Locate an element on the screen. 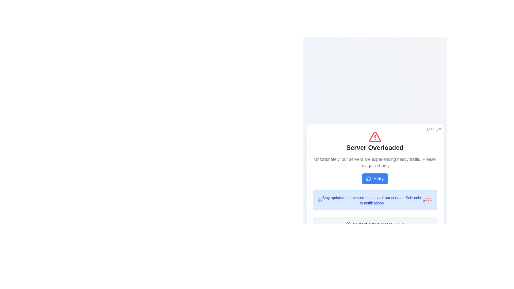 The image size is (514, 289). the small red close button, which appears as a cross icon, located in the bottom right corner of the notification card with a blue background is located at coordinates (427, 200).